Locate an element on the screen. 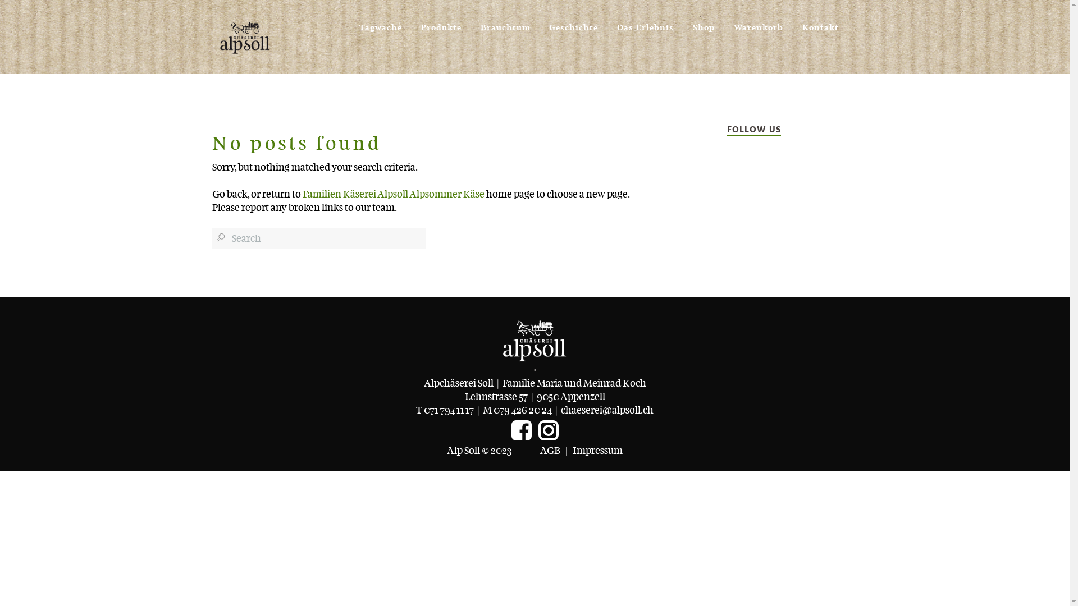 This screenshot has height=606, width=1078. 'Start search' is located at coordinates (220, 237).